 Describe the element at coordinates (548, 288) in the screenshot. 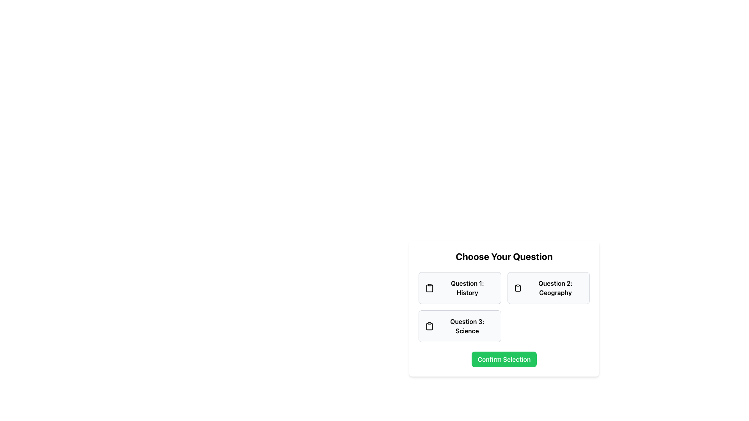

I see `the button labeled 'Question 2: Geography'` at that location.